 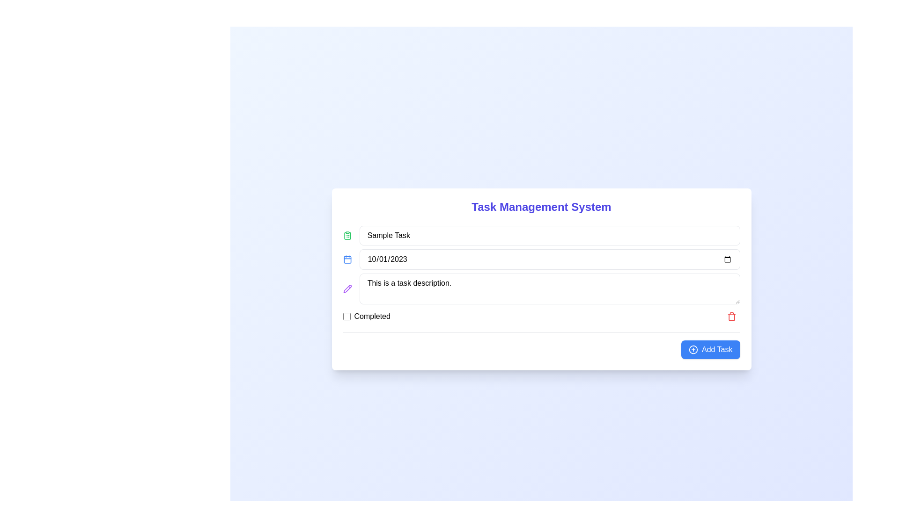 I want to click on the descriptive text label that clarifies the function of the checkbox for marking tasks as completed, which is positioned to the right of the checkbox in the bottom section of the white card interface, so click(x=372, y=316).